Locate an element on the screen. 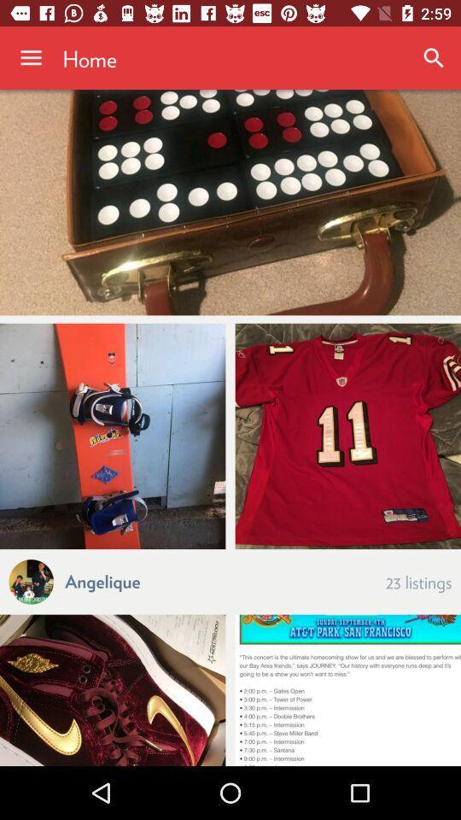 The height and width of the screenshot is (820, 461). the item at the top right corner is located at coordinates (434, 58).